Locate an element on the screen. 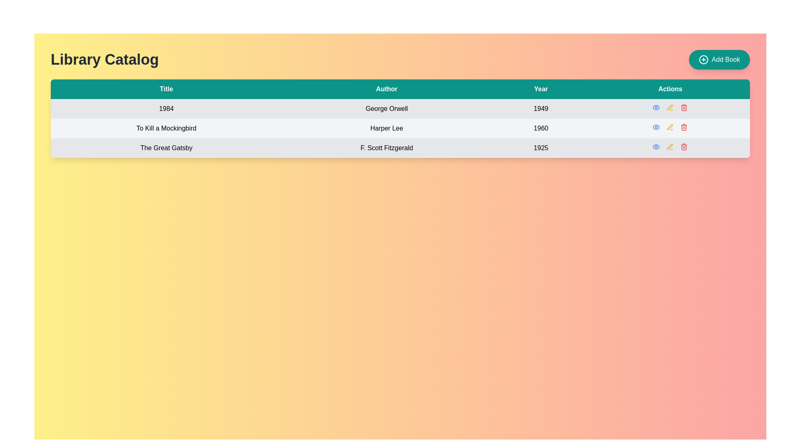 This screenshot has height=442, width=786. the yellow pencil icon in the 'Actions' column of the table row for 'To Kill a Mockingbird by Harper Lee, 1960' is located at coordinates (670, 127).